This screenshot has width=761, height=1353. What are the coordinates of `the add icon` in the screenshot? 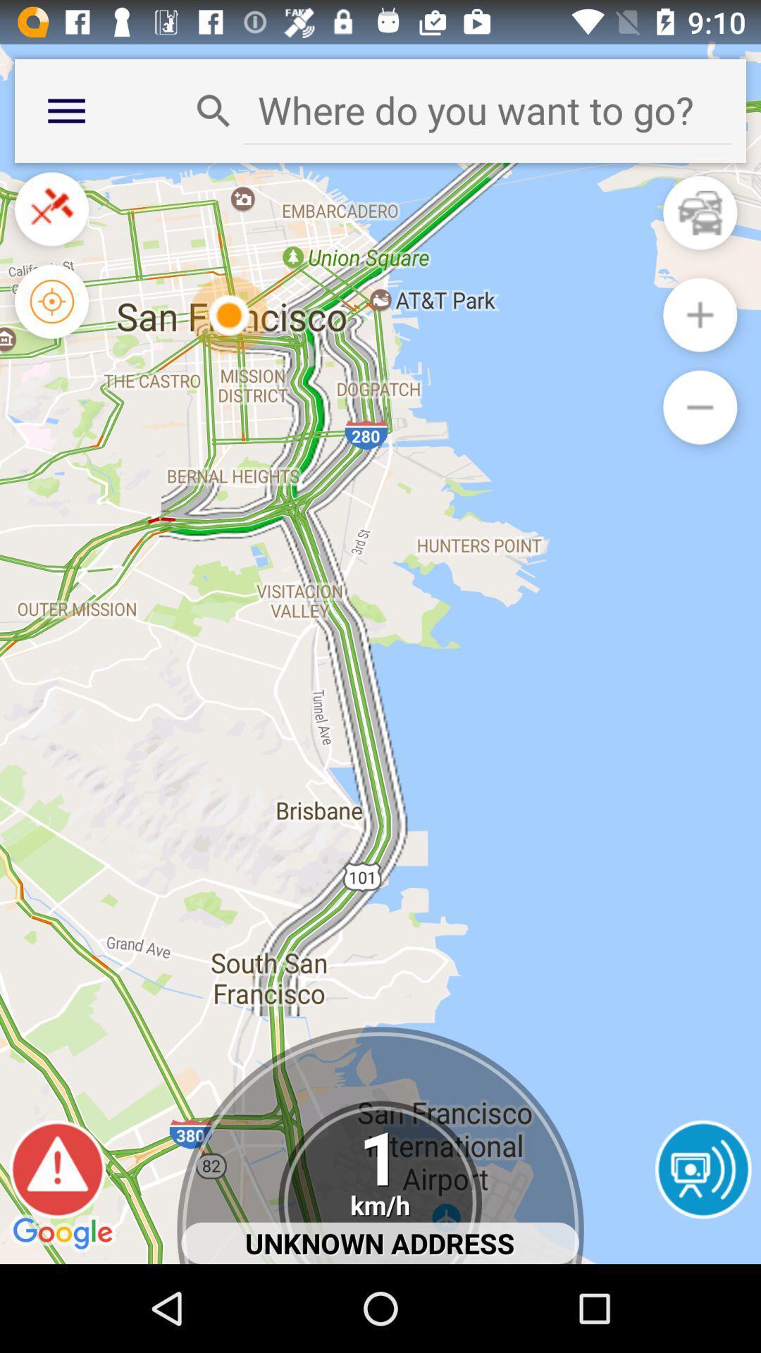 It's located at (700, 336).